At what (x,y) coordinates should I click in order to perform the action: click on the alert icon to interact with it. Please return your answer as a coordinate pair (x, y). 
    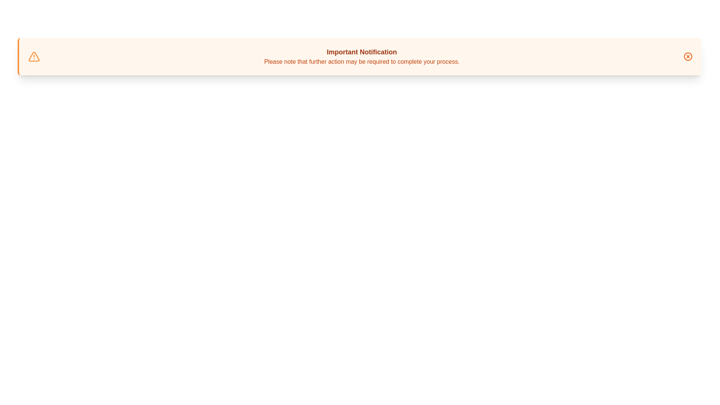
    Looking at the image, I should click on (34, 56).